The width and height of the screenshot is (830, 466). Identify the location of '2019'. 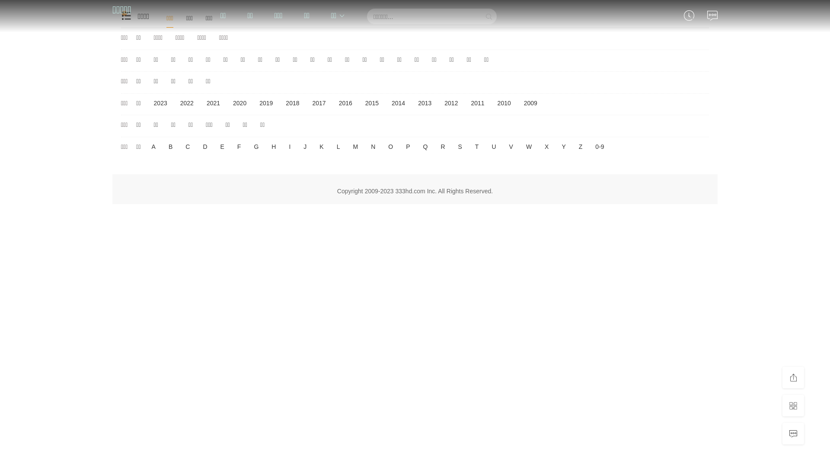
(265, 103).